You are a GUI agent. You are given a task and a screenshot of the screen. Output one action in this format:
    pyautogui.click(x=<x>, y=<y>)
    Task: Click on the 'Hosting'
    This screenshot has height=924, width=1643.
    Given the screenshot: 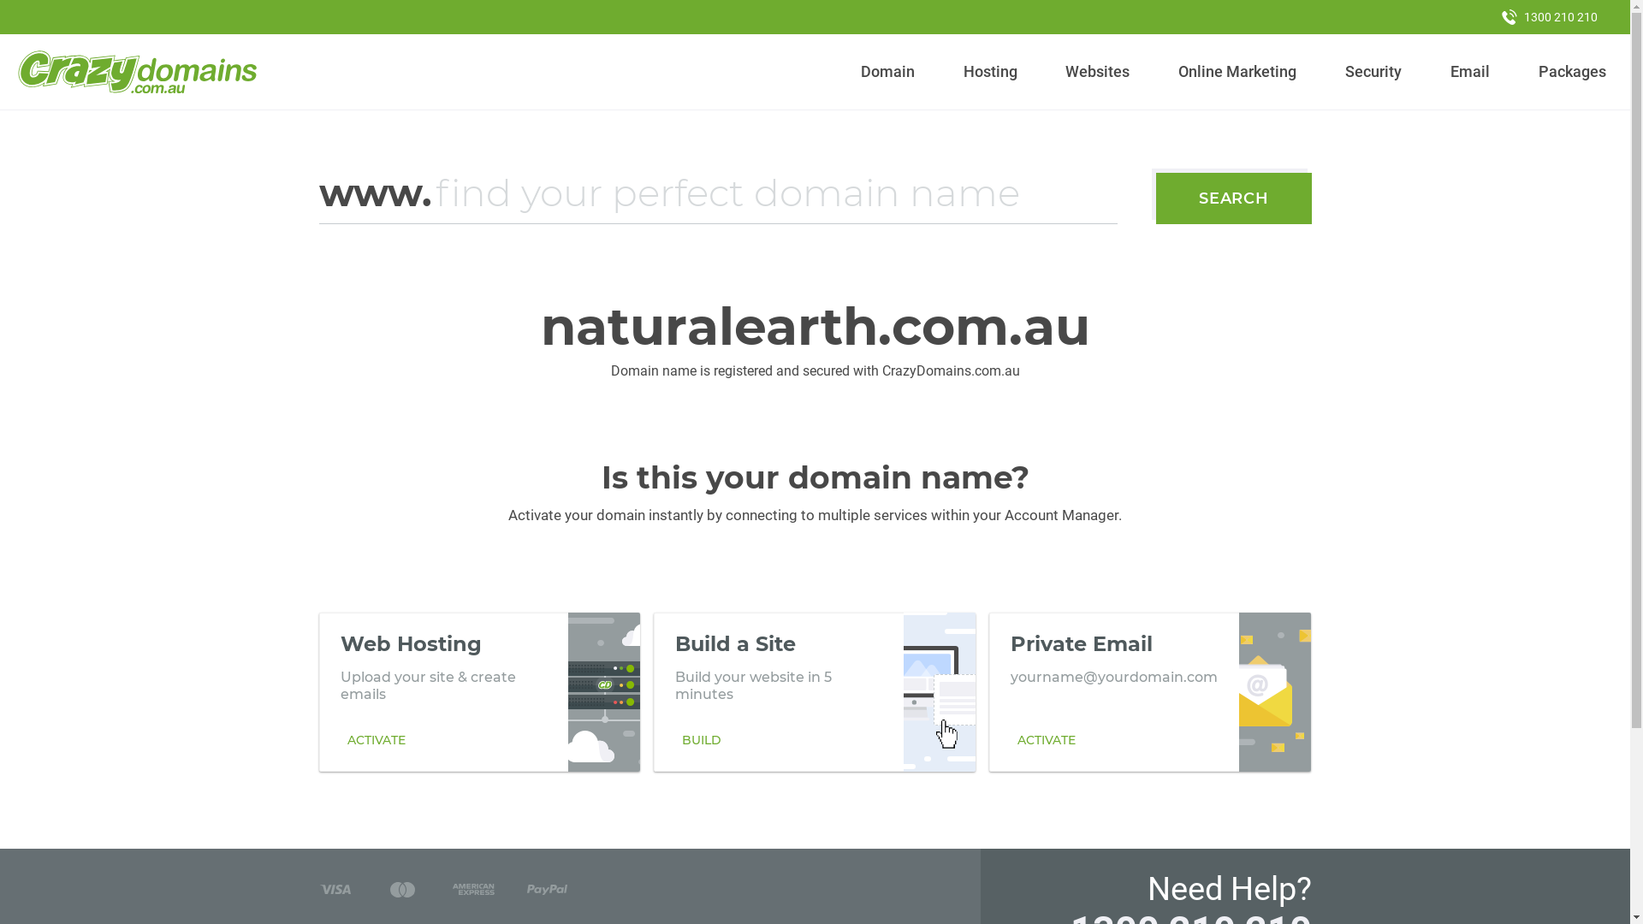 What is the action you would take?
    pyautogui.click(x=989, y=71)
    